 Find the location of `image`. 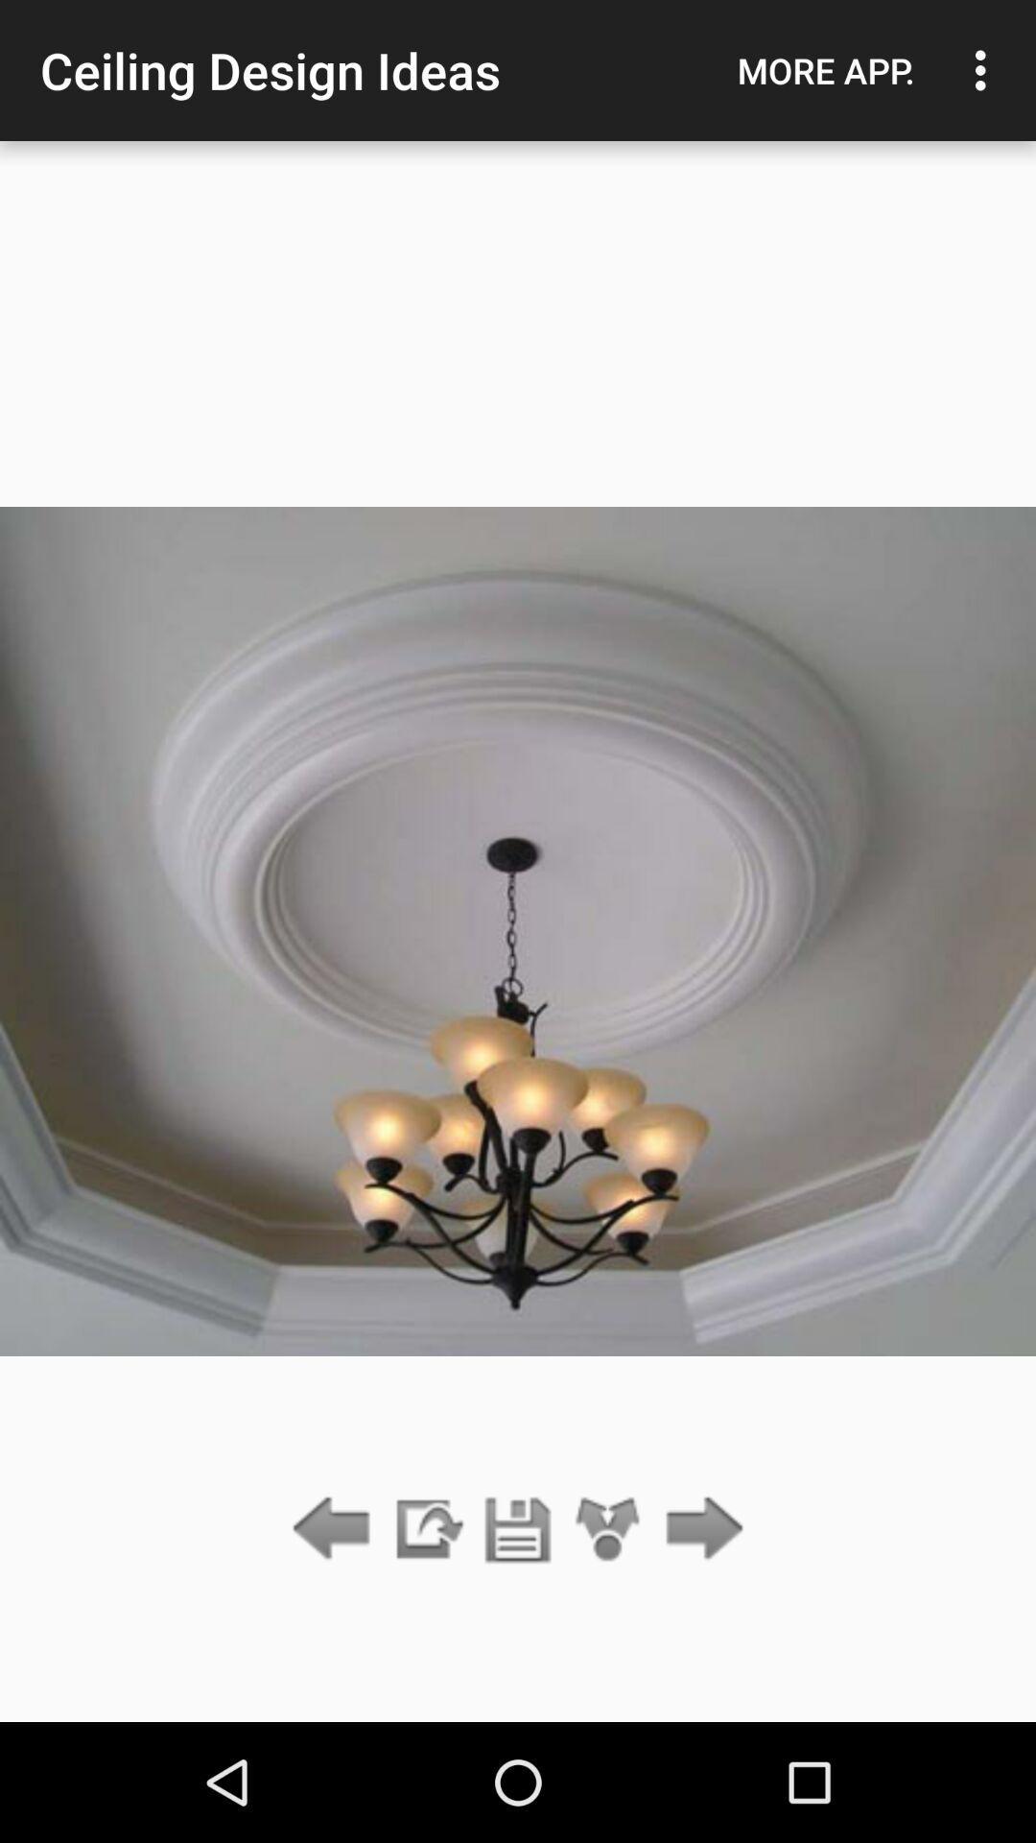

image is located at coordinates (518, 1529).